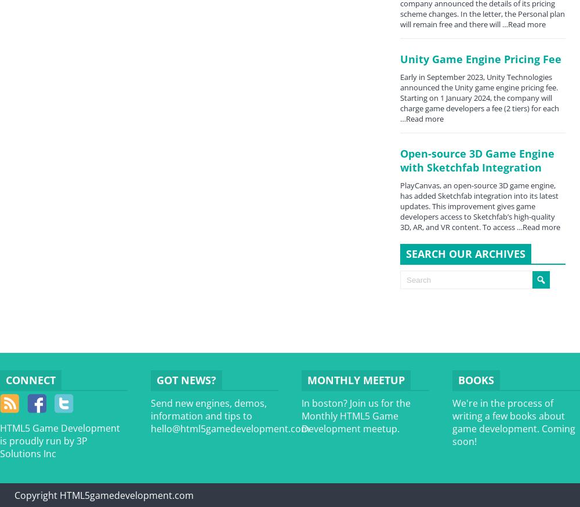 The height and width of the screenshot is (507, 580). Describe the element at coordinates (104, 495) in the screenshot. I see `'Copyright HTML5gamedevelopment.com'` at that location.